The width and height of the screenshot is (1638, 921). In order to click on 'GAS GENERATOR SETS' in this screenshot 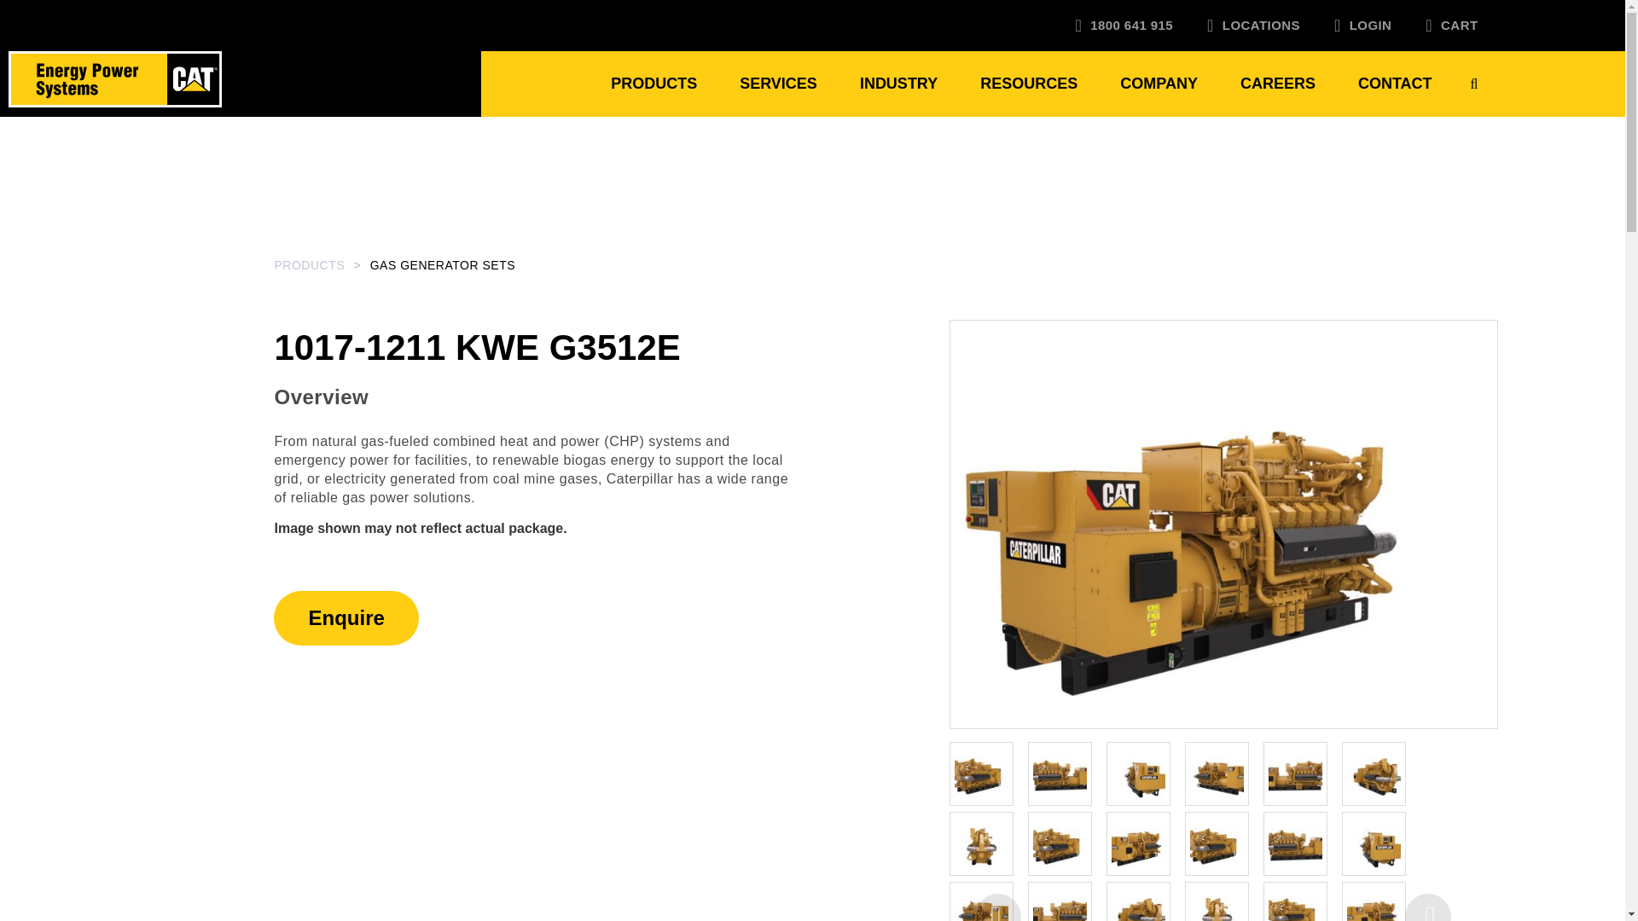, I will do `click(442, 265)`.